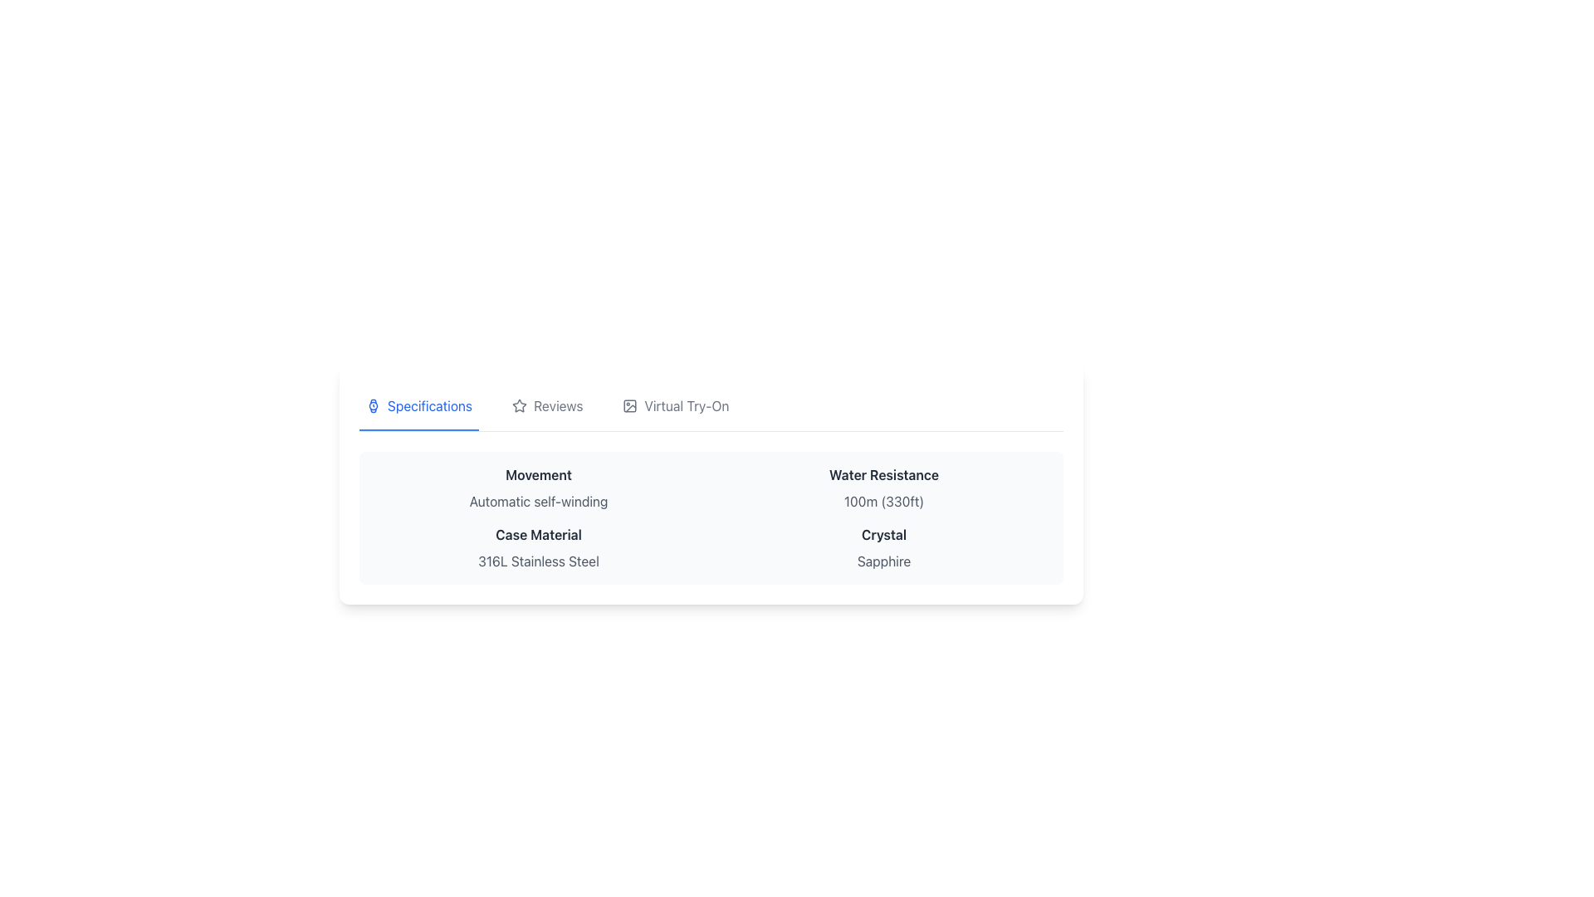 This screenshot has height=897, width=1594. I want to click on the non-interactive text descriptor that provides detailed information about the material of a product case, located below 'Case Material' in the specification table, so click(538, 561).